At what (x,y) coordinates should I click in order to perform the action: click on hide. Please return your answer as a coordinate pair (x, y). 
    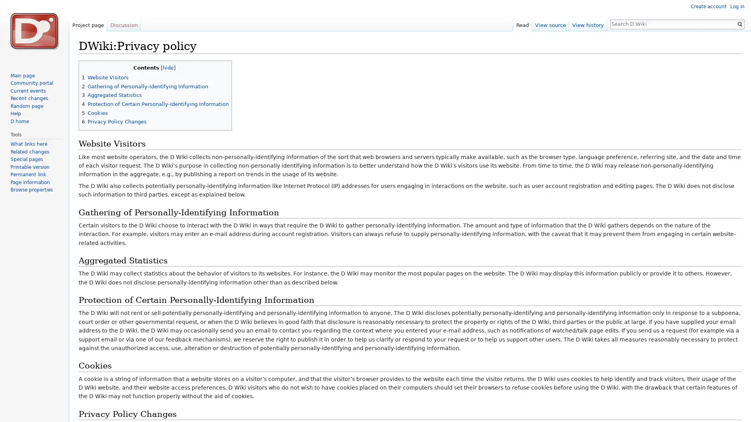
    Looking at the image, I should click on (167, 67).